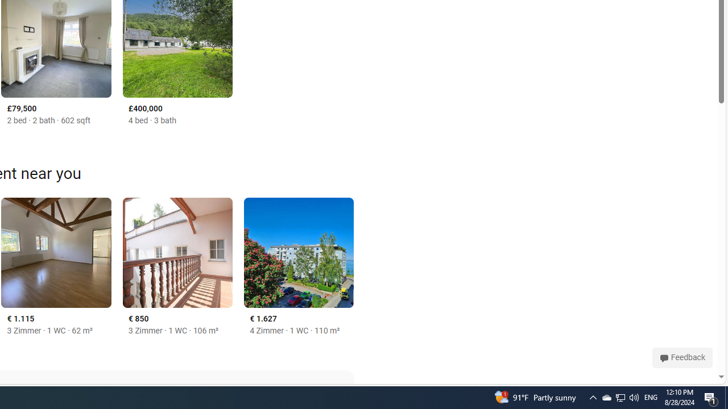  I want to click on 'Lochau, Tirol, Vorarlberg 6900', so click(299, 252).